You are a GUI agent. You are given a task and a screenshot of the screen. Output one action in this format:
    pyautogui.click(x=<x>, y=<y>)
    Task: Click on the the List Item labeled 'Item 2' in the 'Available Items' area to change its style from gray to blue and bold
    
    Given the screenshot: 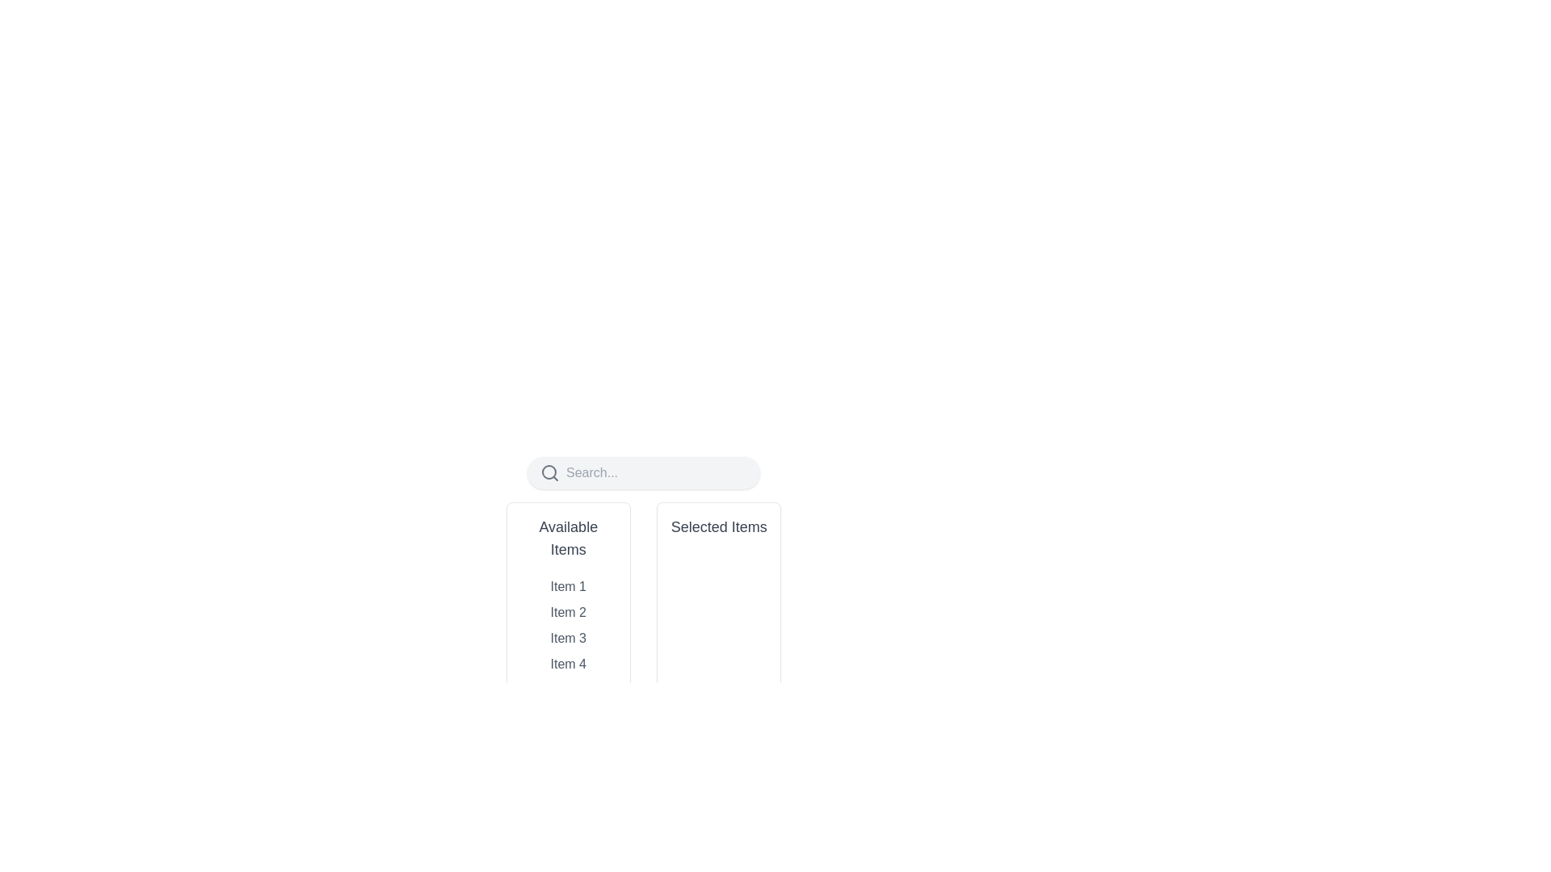 What is the action you would take?
    pyautogui.click(x=568, y=613)
    